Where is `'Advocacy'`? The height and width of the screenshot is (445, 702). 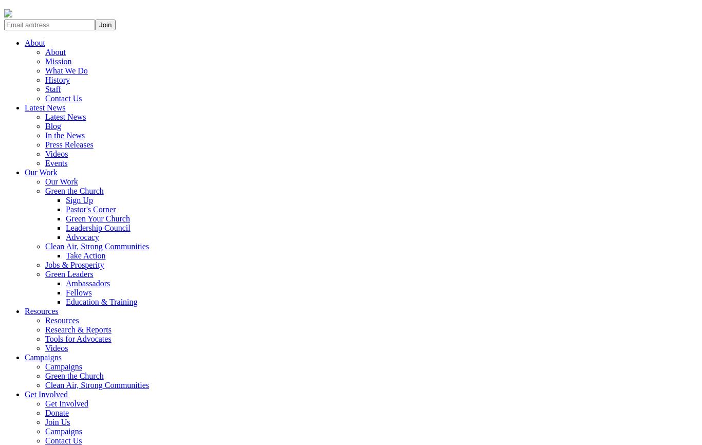
'Advocacy' is located at coordinates (65, 237).